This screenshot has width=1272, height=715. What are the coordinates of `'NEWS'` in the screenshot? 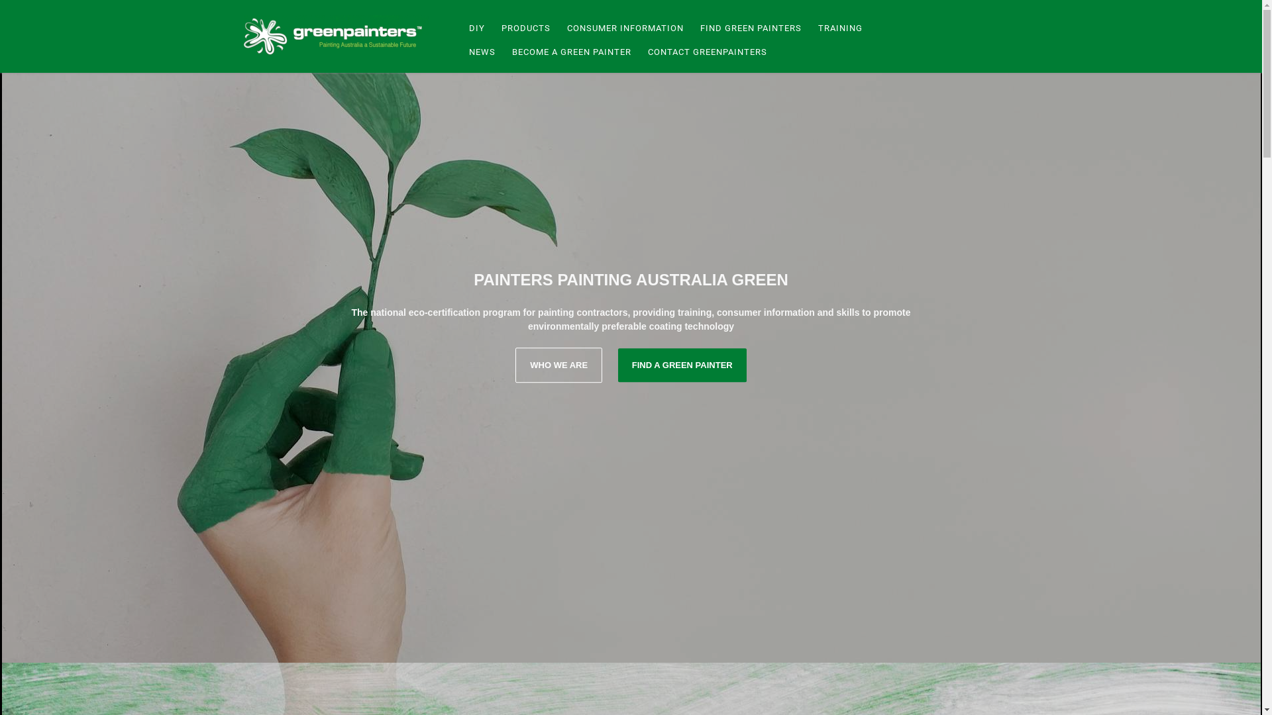 It's located at (479, 51).